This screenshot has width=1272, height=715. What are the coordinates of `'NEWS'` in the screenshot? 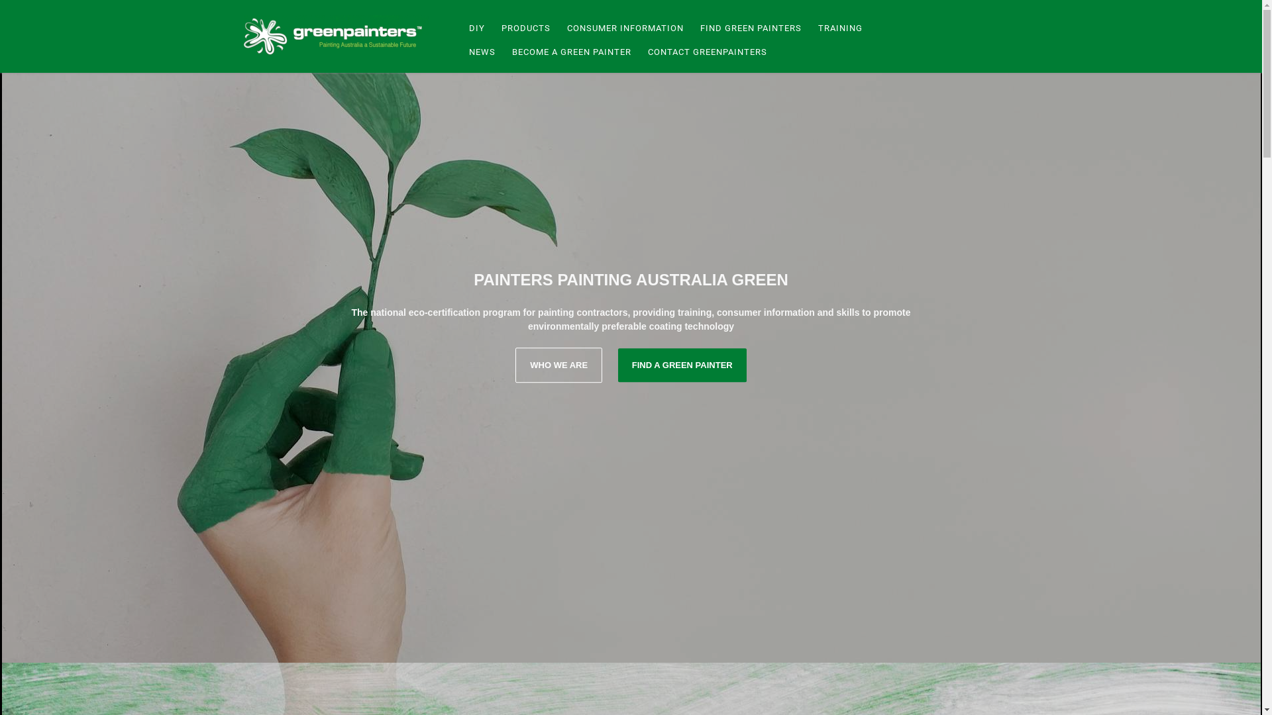 It's located at (479, 51).